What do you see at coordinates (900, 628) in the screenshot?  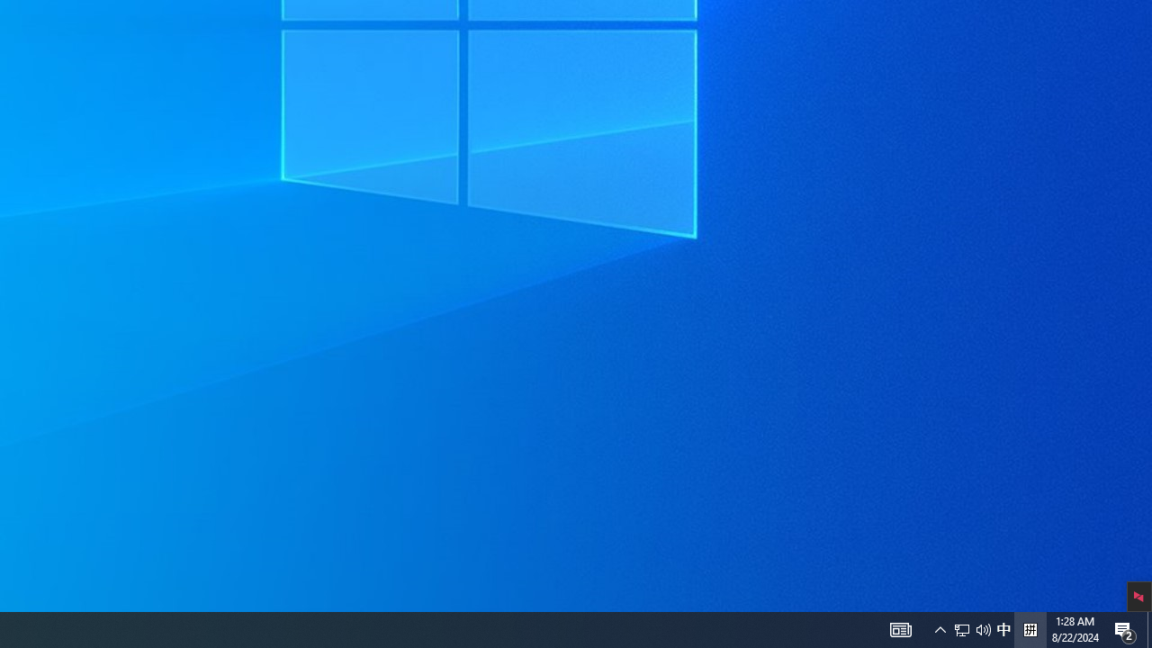 I see `'AutomationID: 4105'` at bounding box center [900, 628].